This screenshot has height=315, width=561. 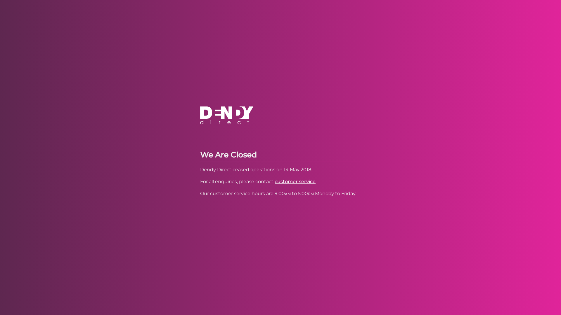 What do you see at coordinates (274, 181) in the screenshot?
I see `'customer service'` at bounding box center [274, 181].